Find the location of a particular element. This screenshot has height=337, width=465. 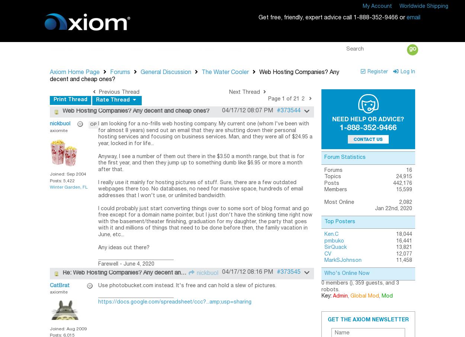

'Get The Axiom Newsletter' is located at coordinates (368, 319).